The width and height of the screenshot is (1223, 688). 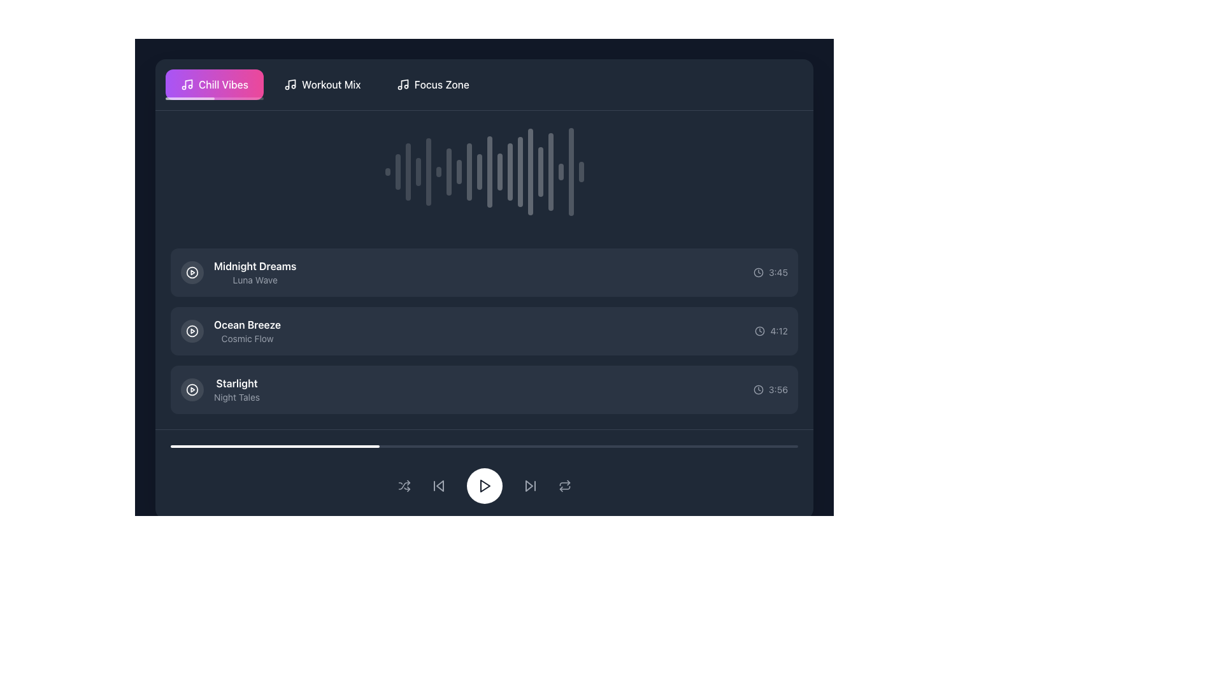 I want to click on the shuffle control icon located at the far left of the bottom control bar, so click(x=403, y=486).